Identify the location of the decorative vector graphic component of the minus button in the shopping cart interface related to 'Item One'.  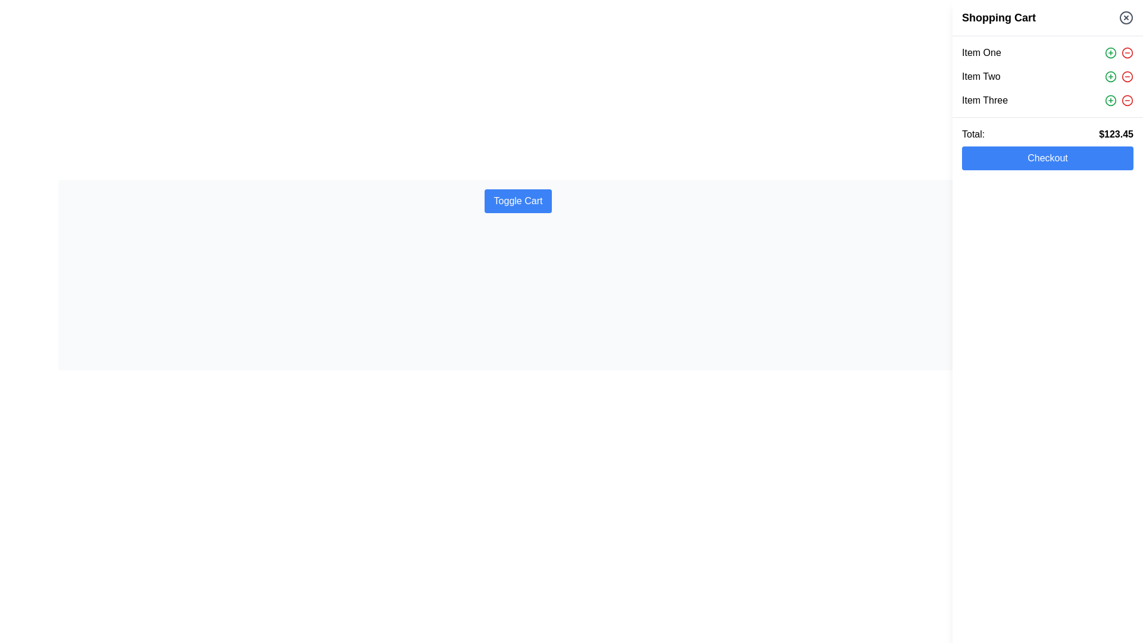
(1127, 52).